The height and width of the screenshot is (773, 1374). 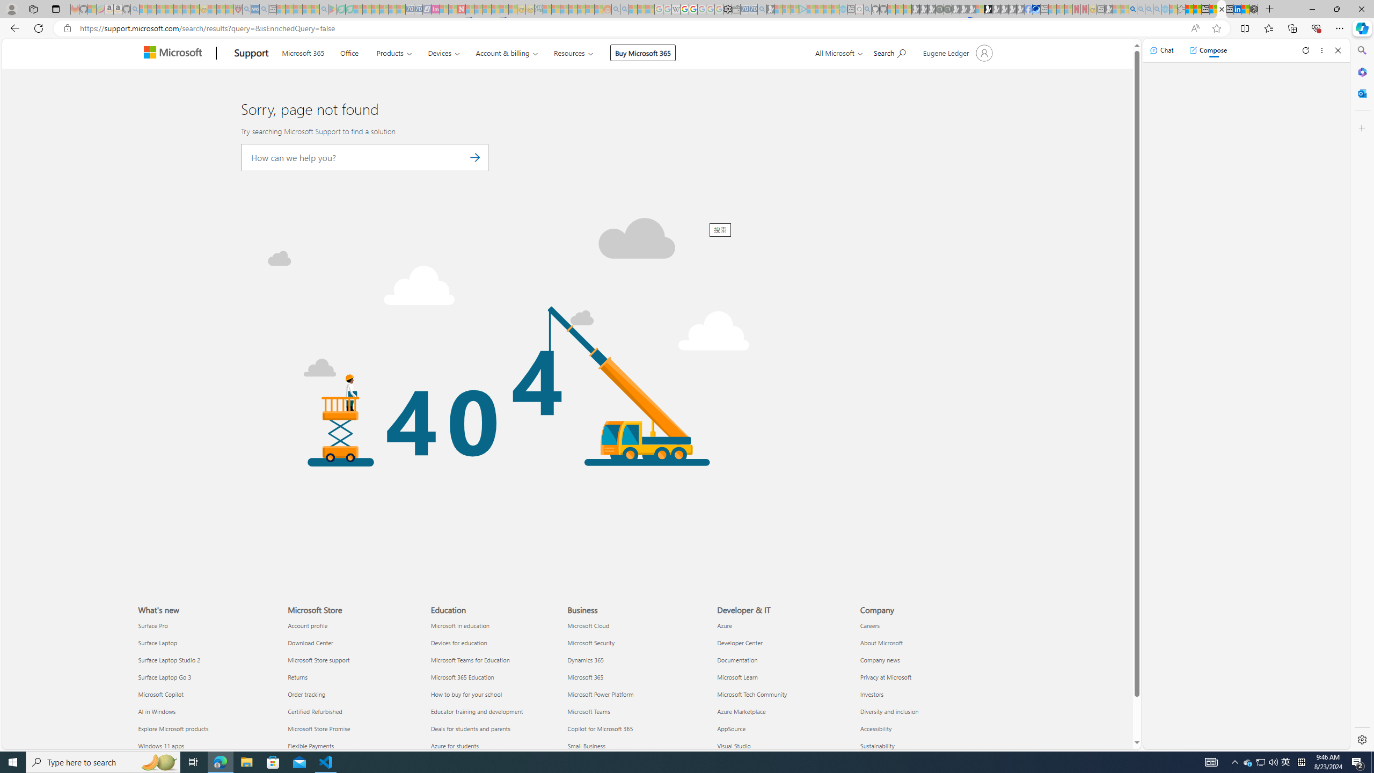 What do you see at coordinates (1238, 9) in the screenshot?
I see `'LinkedIn'` at bounding box center [1238, 9].